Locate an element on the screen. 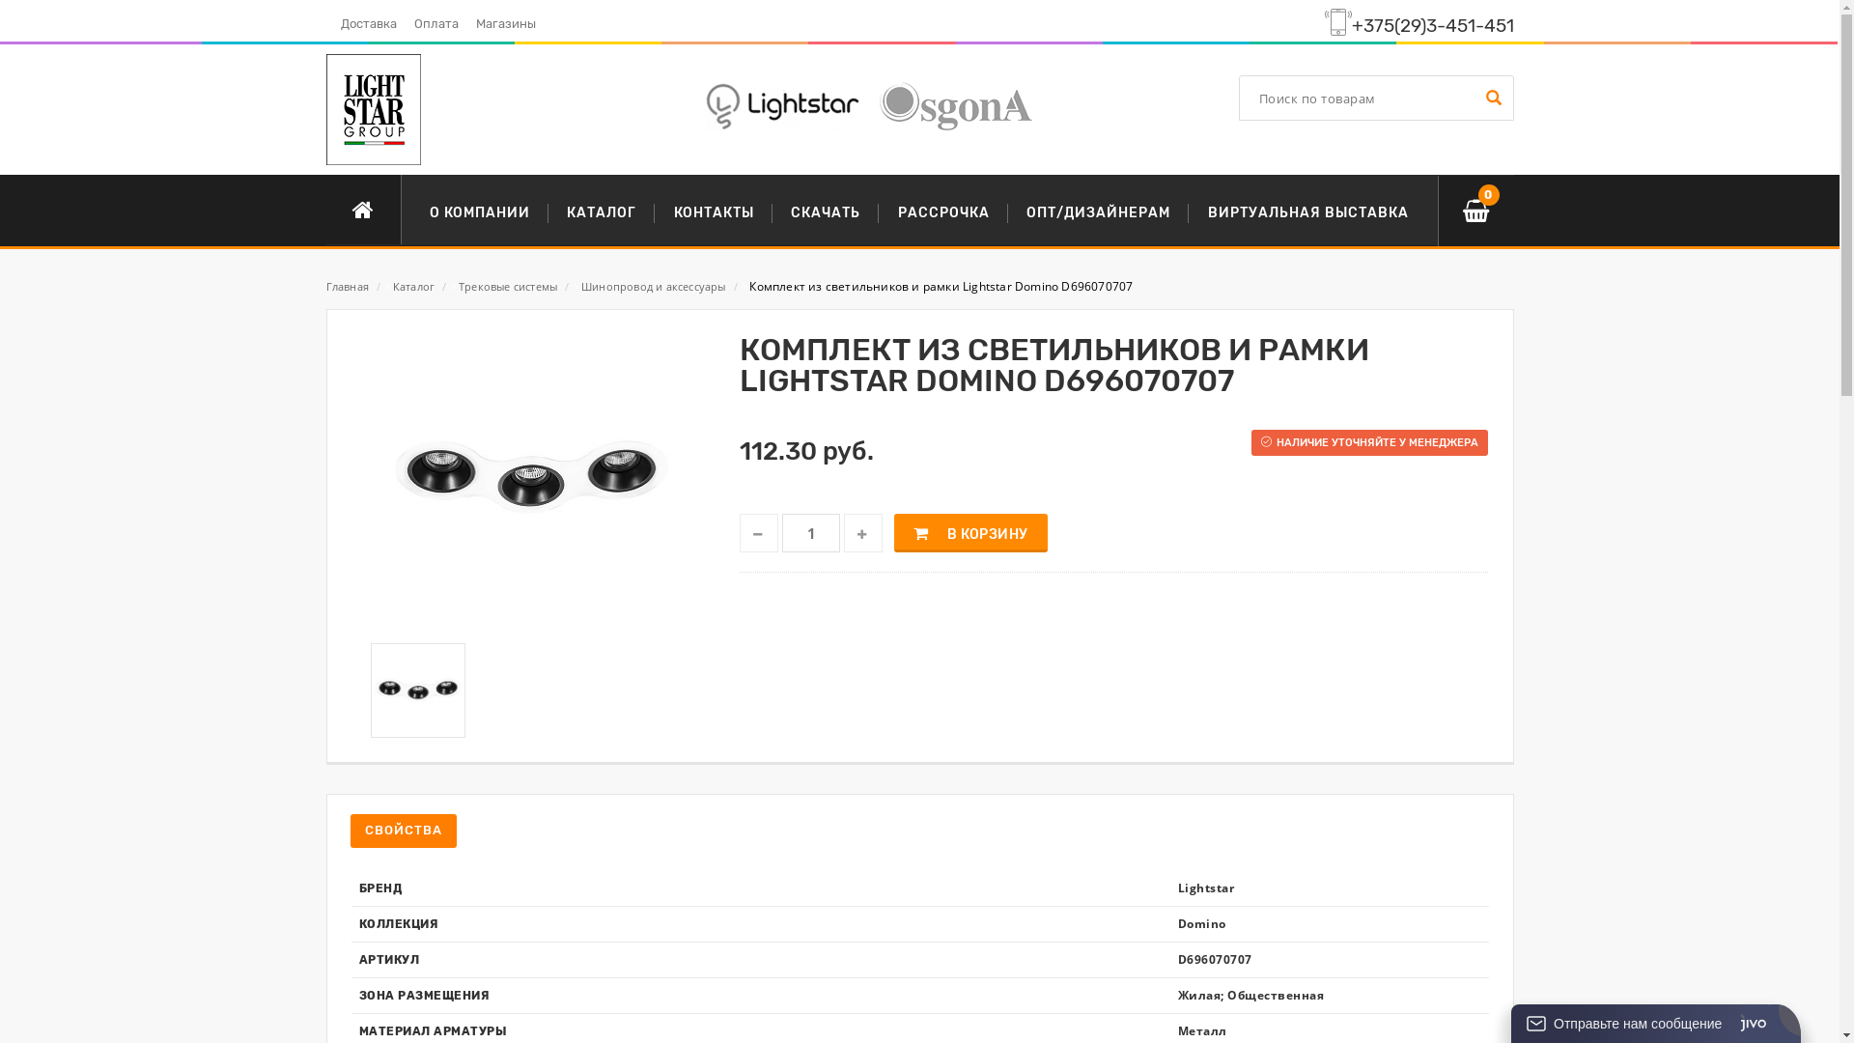 Image resolution: width=1854 pixels, height=1043 pixels. ' ' is located at coordinates (1490, 98).